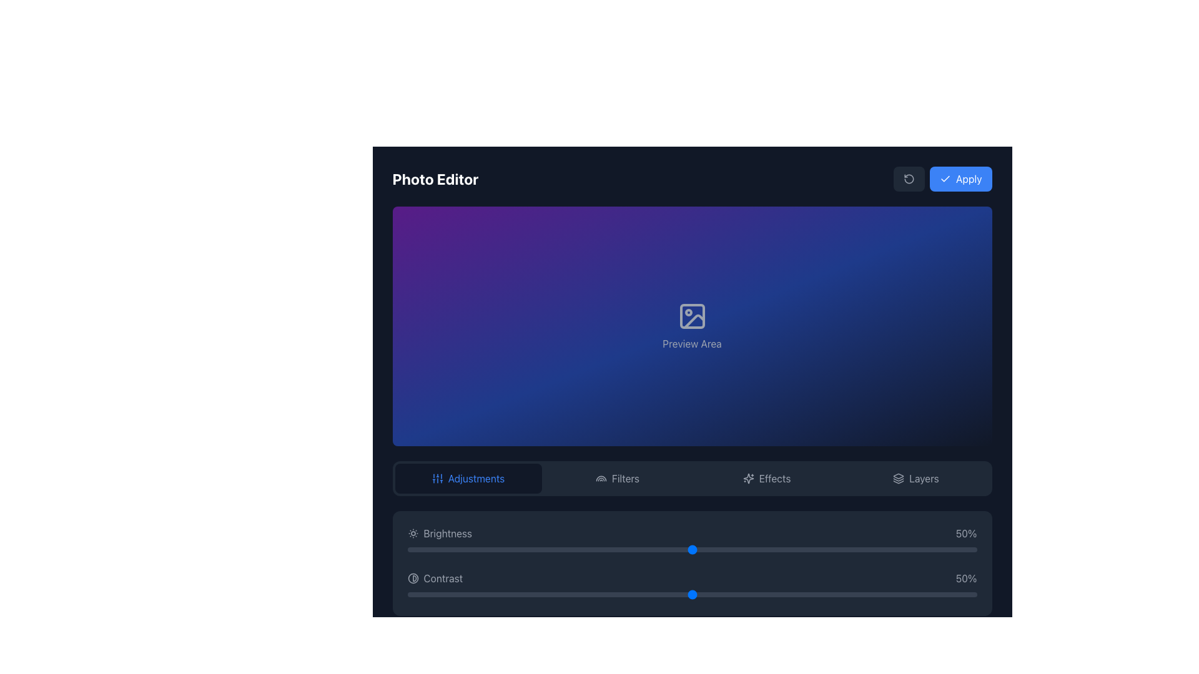 This screenshot has width=1199, height=674. What do you see at coordinates (909, 178) in the screenshot?
I see `the icon button, which is a rounded rectangular button with a dark gray background and a light gray border containing a counter-clockwise arrow` at bounding box center [909, 178].